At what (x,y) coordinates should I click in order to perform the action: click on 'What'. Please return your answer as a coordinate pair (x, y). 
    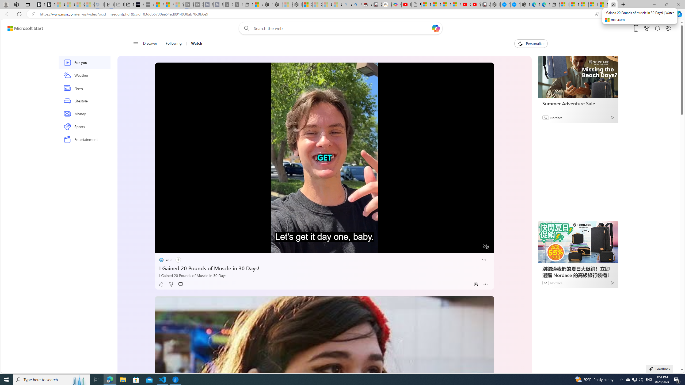
    Looking at the image, I should click on (149, 4).